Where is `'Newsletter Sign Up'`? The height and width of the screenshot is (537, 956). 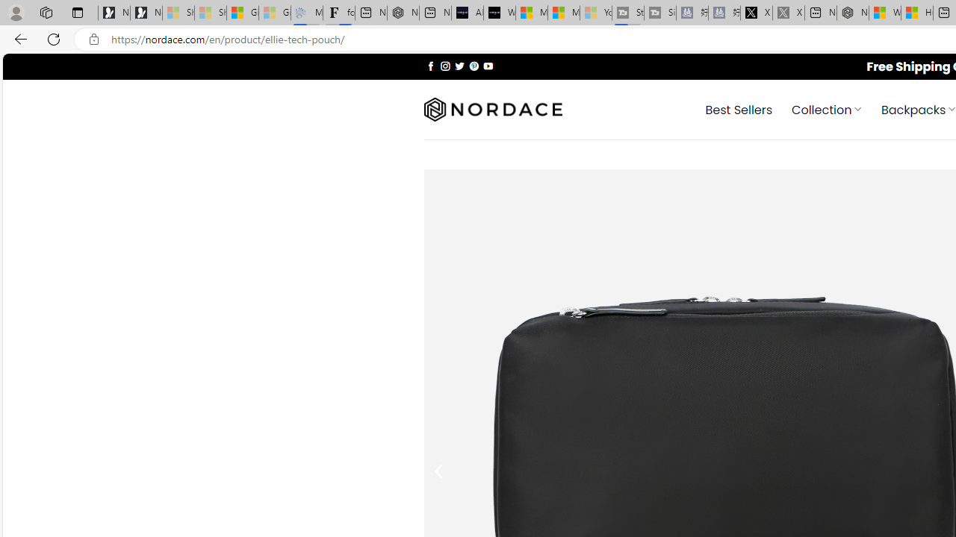 'Newsletter Sign Up' is located at coordinates (146, 13).